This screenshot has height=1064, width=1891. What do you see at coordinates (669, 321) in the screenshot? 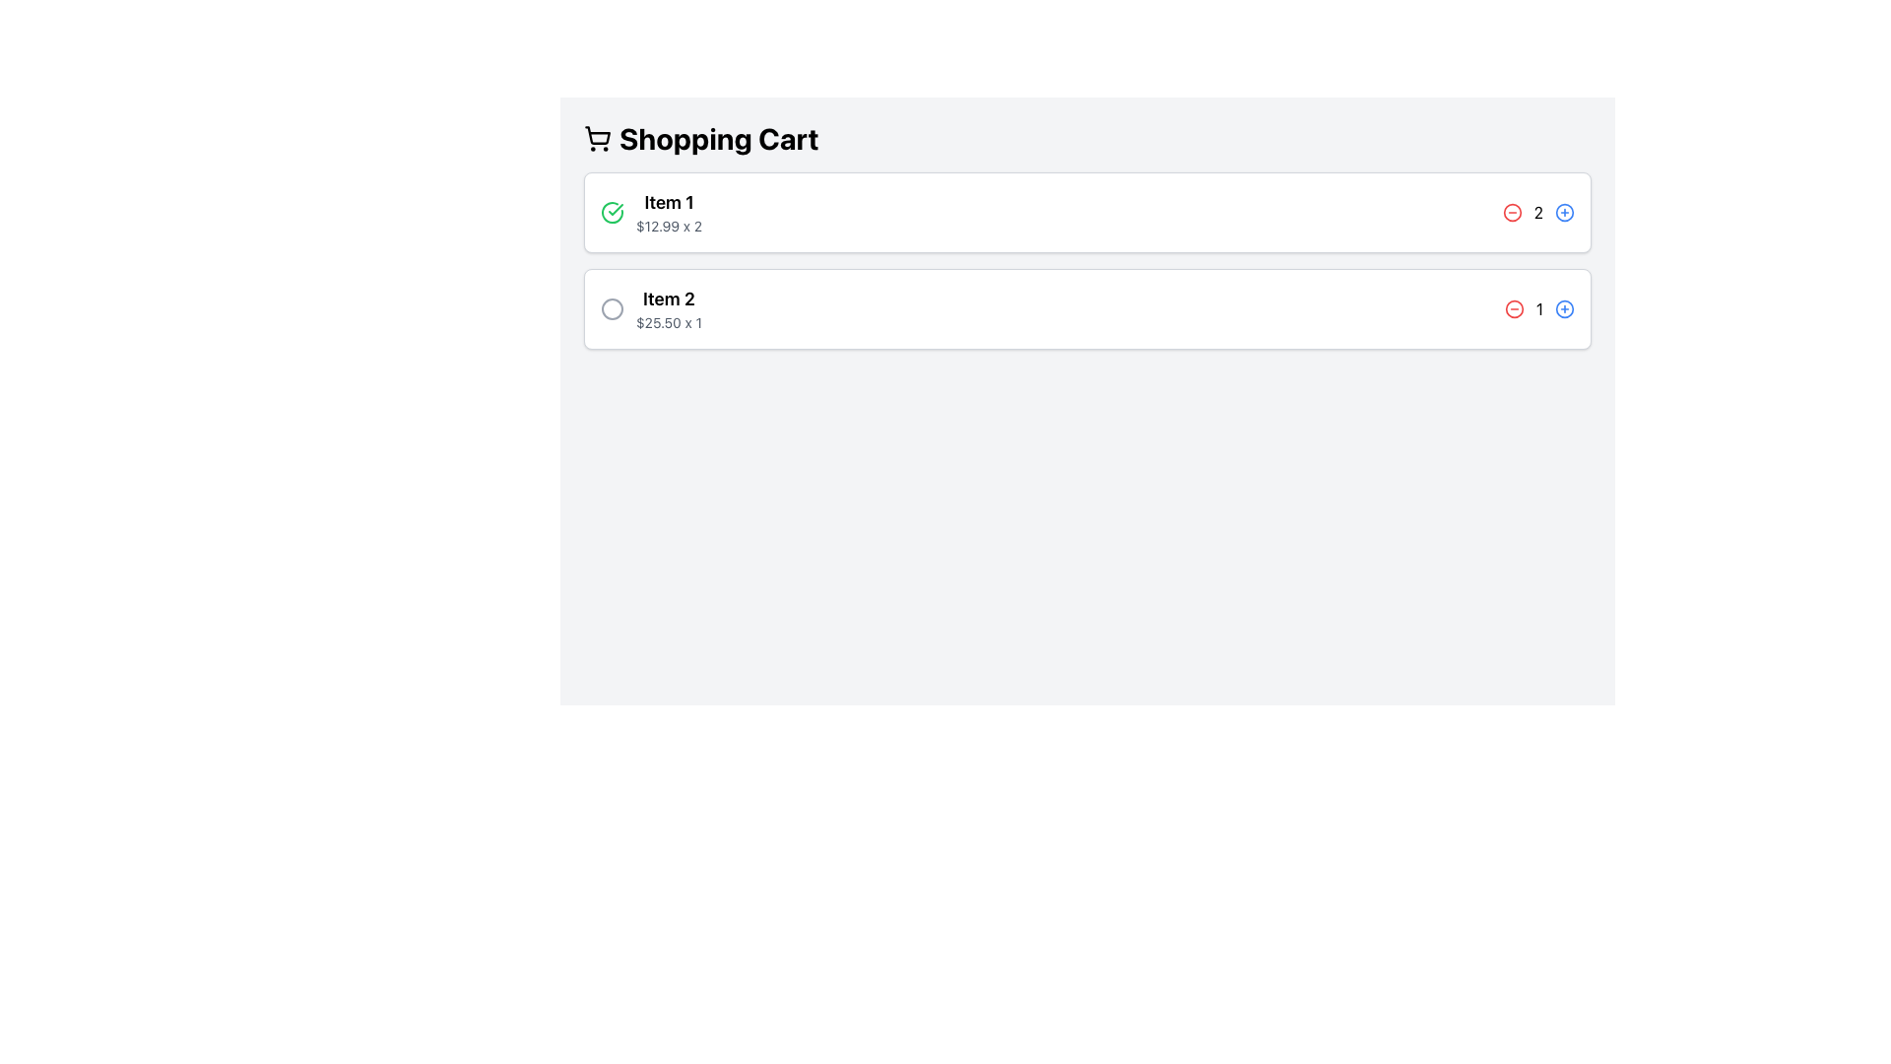
I see `the informational text displaying the unit price and quantity selected for Item 2, which is positioned below the 'Item 2' label` at bounding box center [669, 321].